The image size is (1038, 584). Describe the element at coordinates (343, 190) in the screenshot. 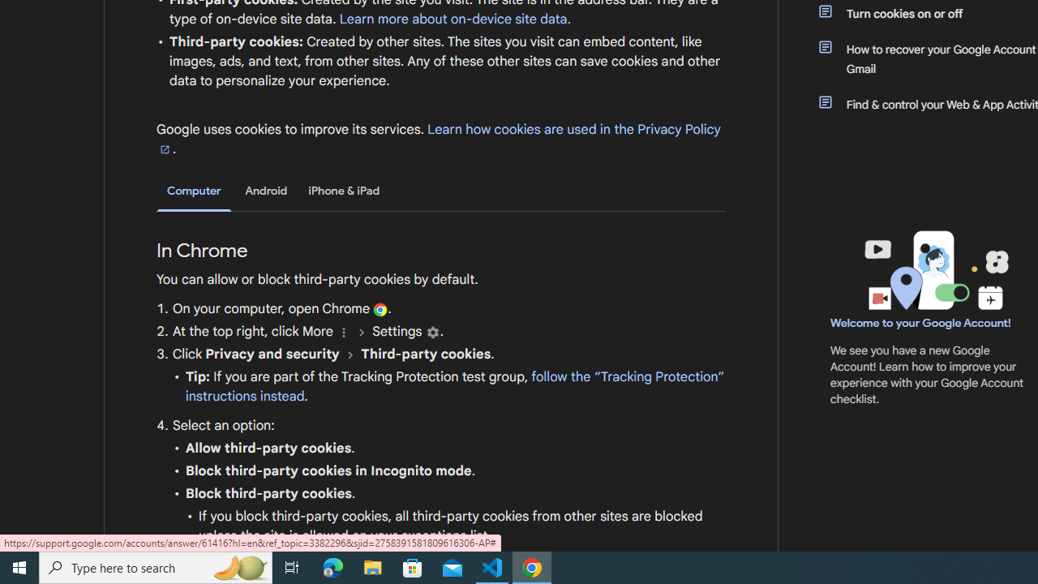

I see `'iPhone & iPad'` at that location.